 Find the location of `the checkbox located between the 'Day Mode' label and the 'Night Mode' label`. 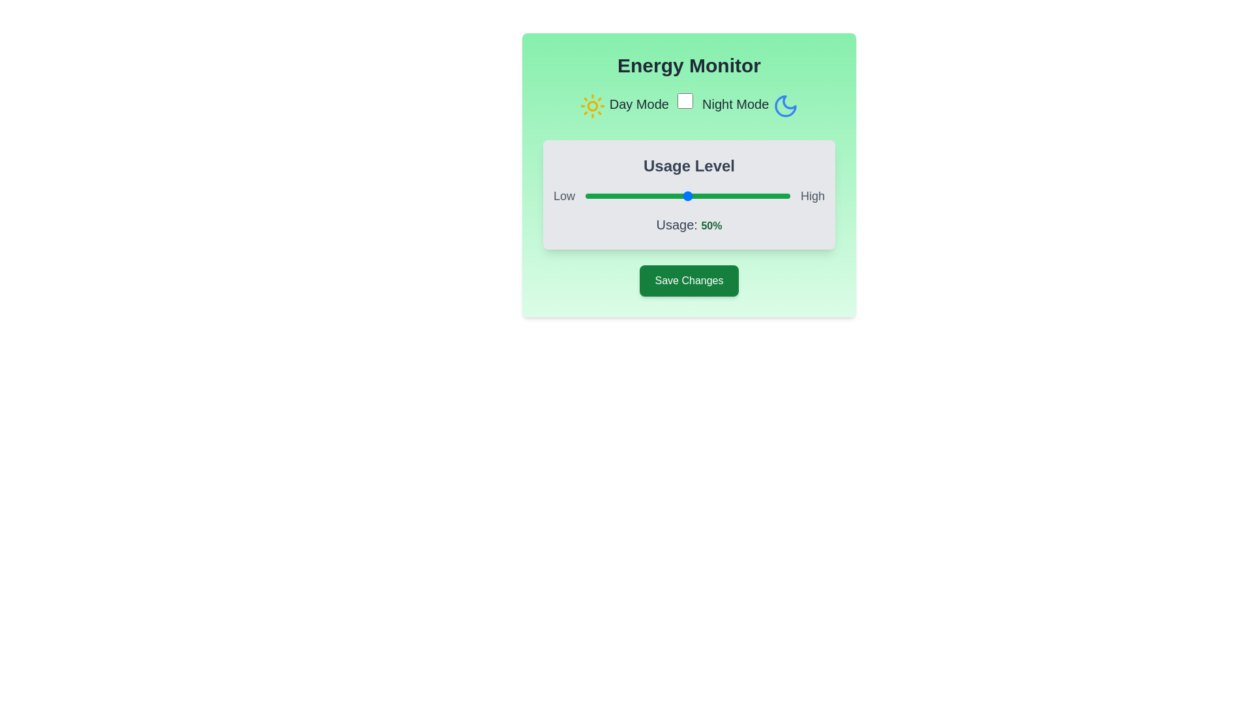

the checkbox located between the 'Day Mode' label and the 'Night Mode' label is located at coordinates (685, 100).